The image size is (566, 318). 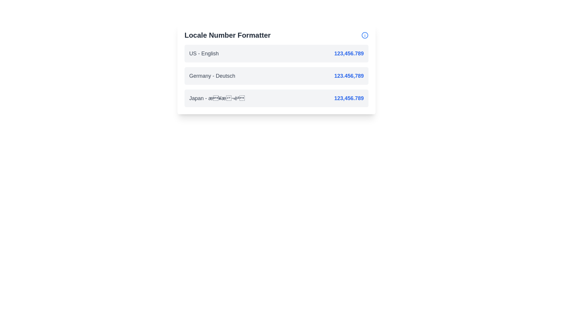 I want to click on the blue circular icon located to the far right of the 'Locale Number Formatter' title, so click(x=365, y=35).